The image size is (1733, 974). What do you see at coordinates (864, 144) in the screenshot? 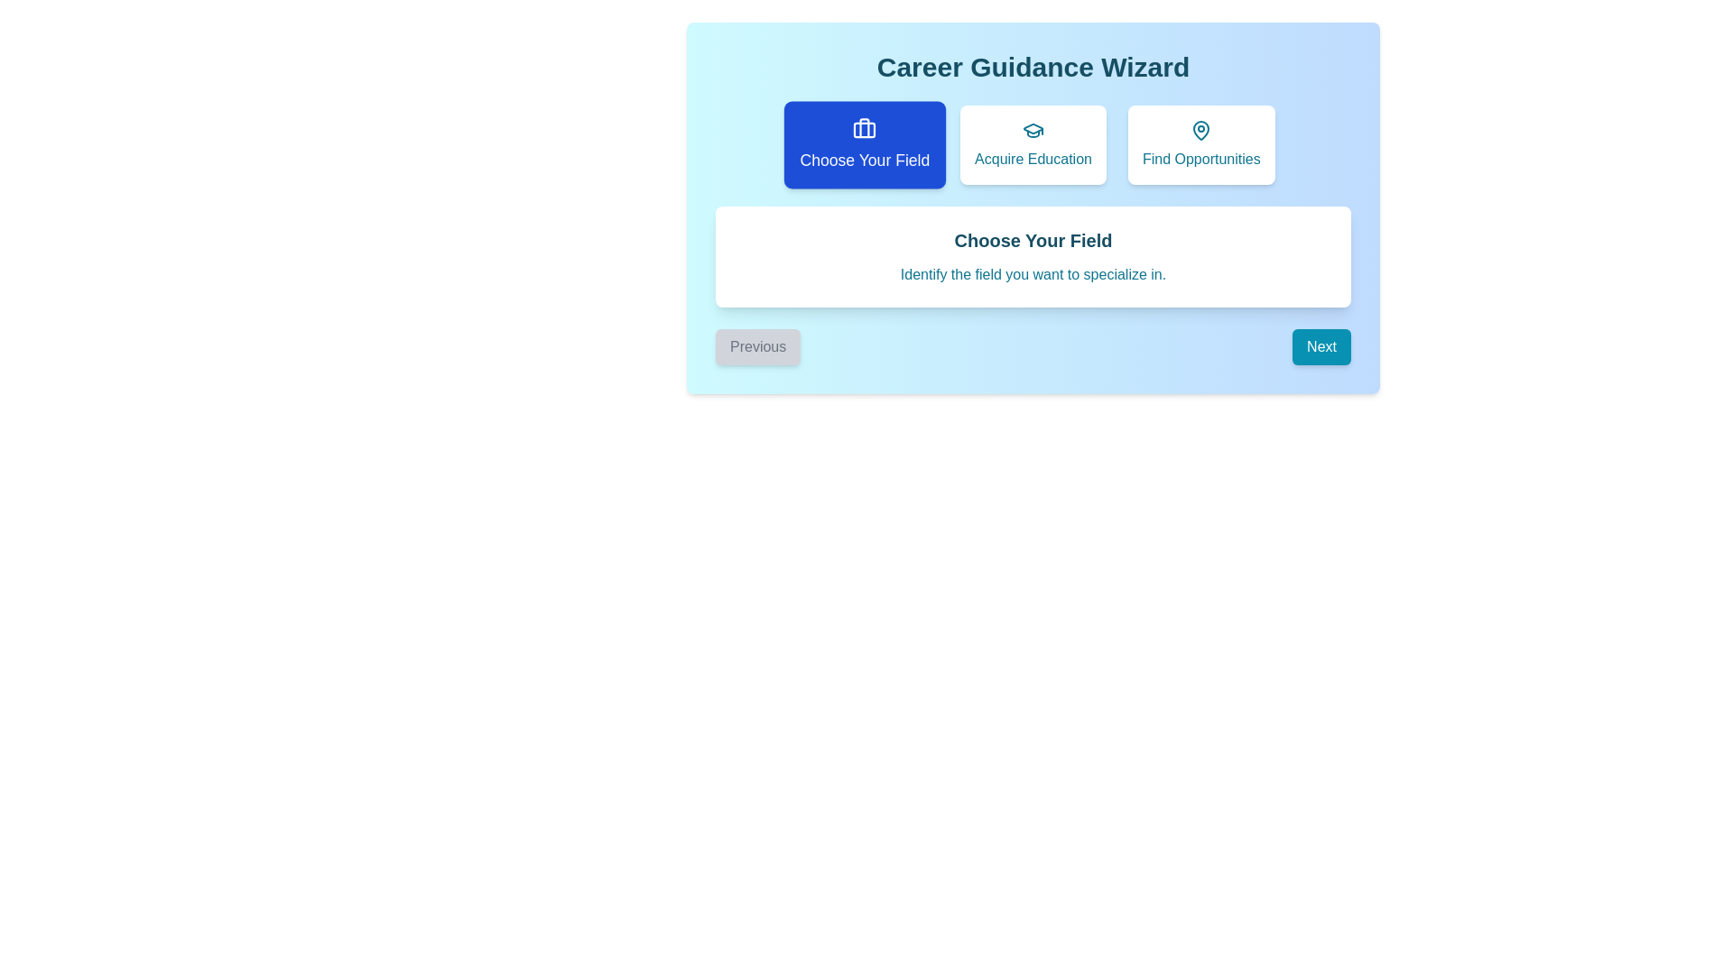
I see `the 'Choose Your Field' button, which is a deep blue rectangular button with rounded corners and a suitcase icon above the text, located centrally in the upper half of the interface` at bounding box center [864, 144].